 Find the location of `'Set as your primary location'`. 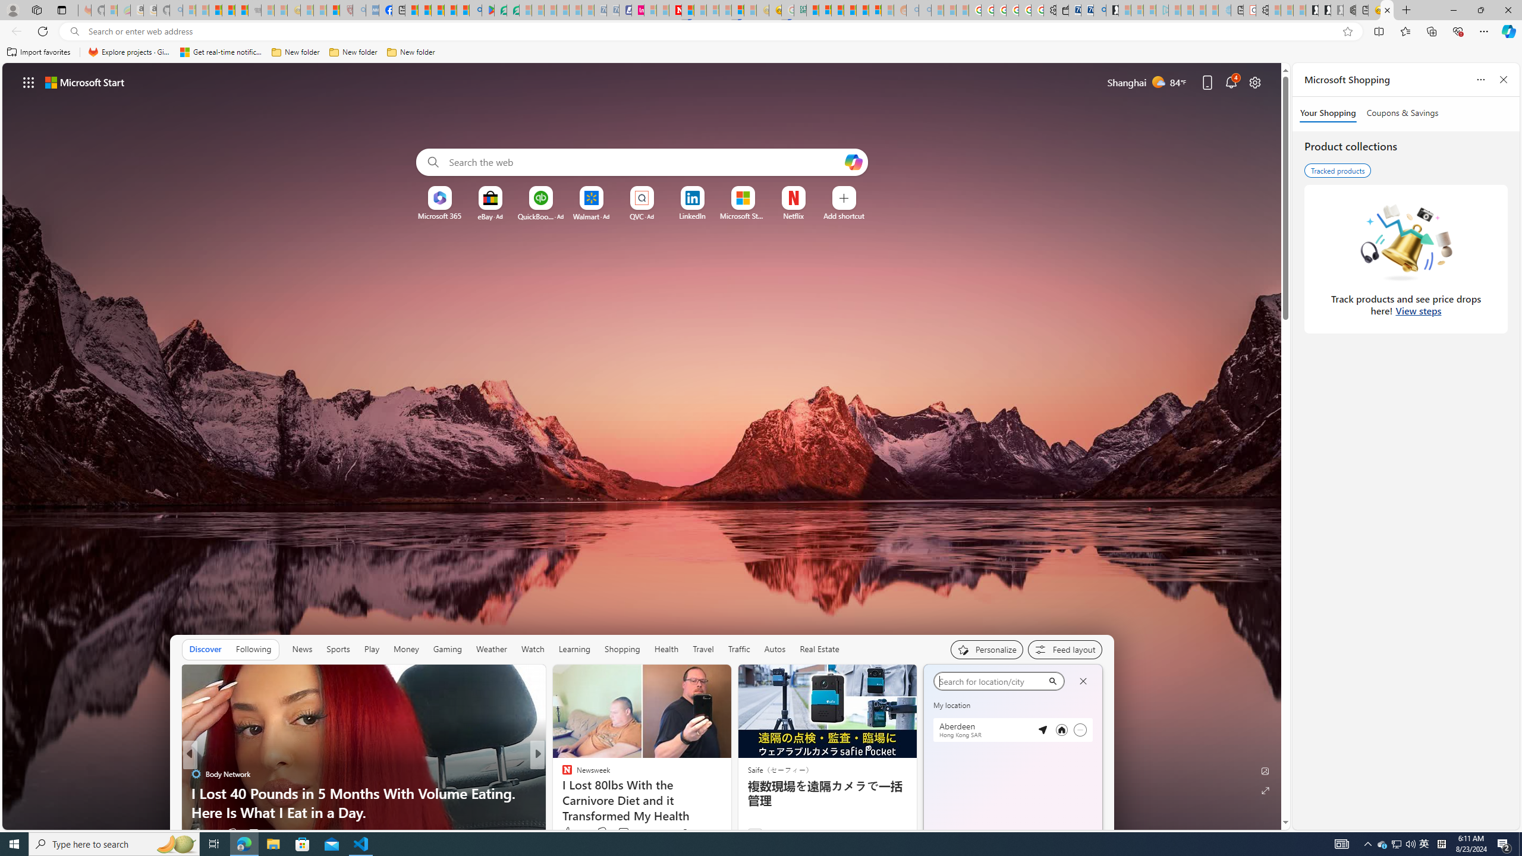

'Set as your primary location' is located at coordinates (1061, 730).